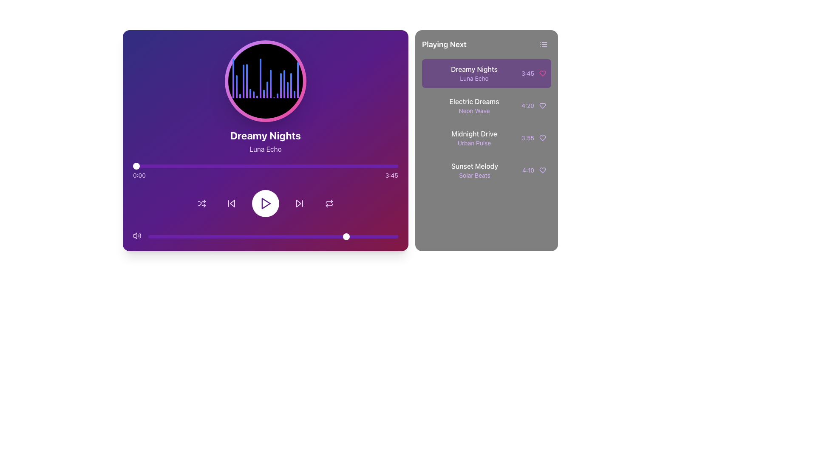 The height and width of the screenshot is (459, 816). What do you see at coordinates (139, 175) in the screenshot?
I see `the static text label that indicates the current playback position in the media player, located at the start of the progress bar` at bounding box center [139, 175].